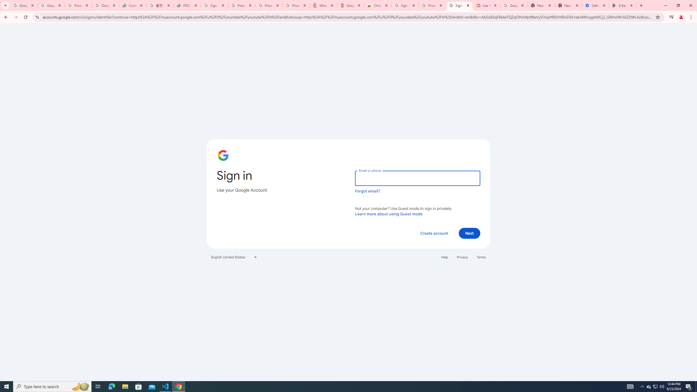  Describe the element at coordinates (405, 5) in the screenshot. I see `'Sign in - Google Accounts'` at that location.